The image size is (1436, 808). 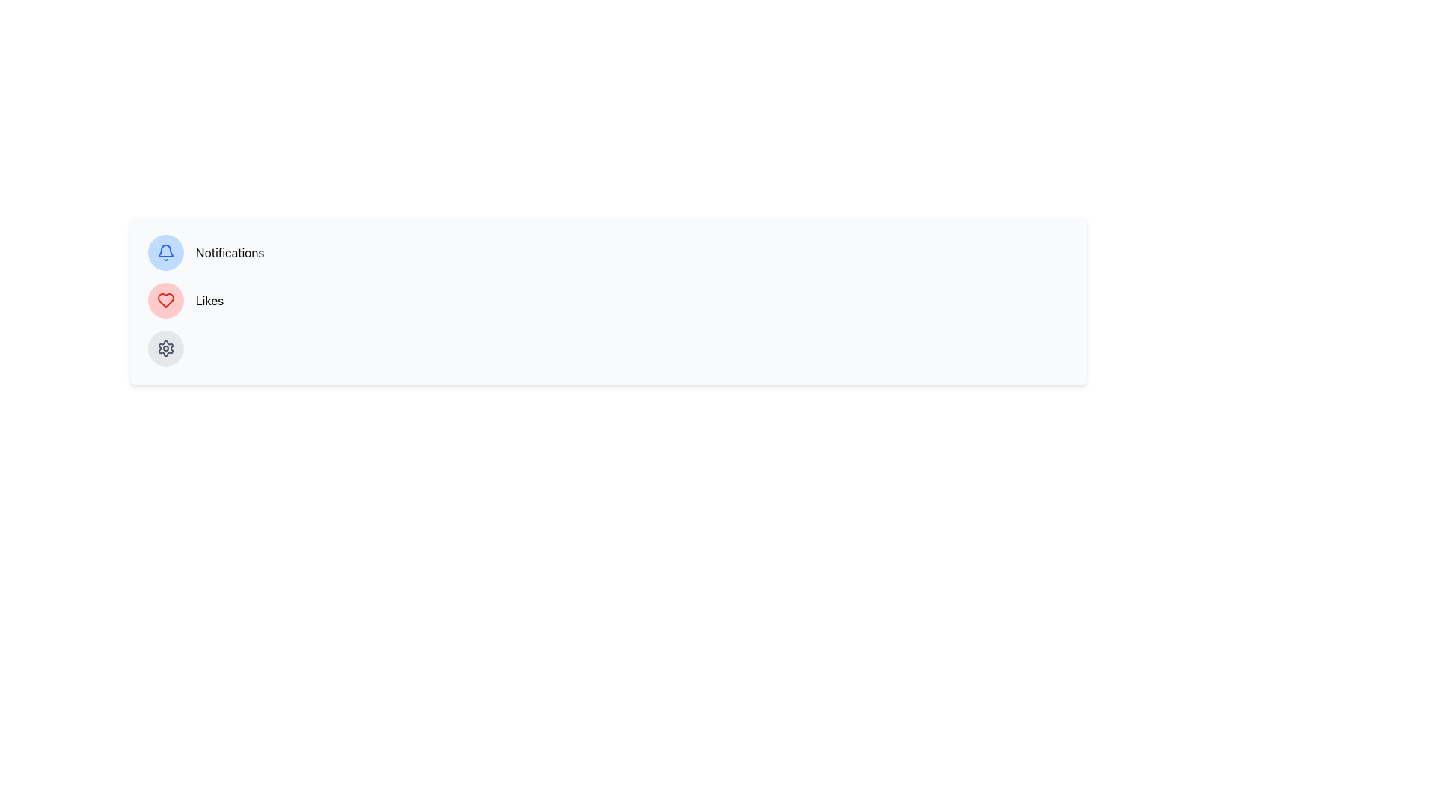 I want to click on the circular button with a red heart symbol, so click(x=165, y=300).